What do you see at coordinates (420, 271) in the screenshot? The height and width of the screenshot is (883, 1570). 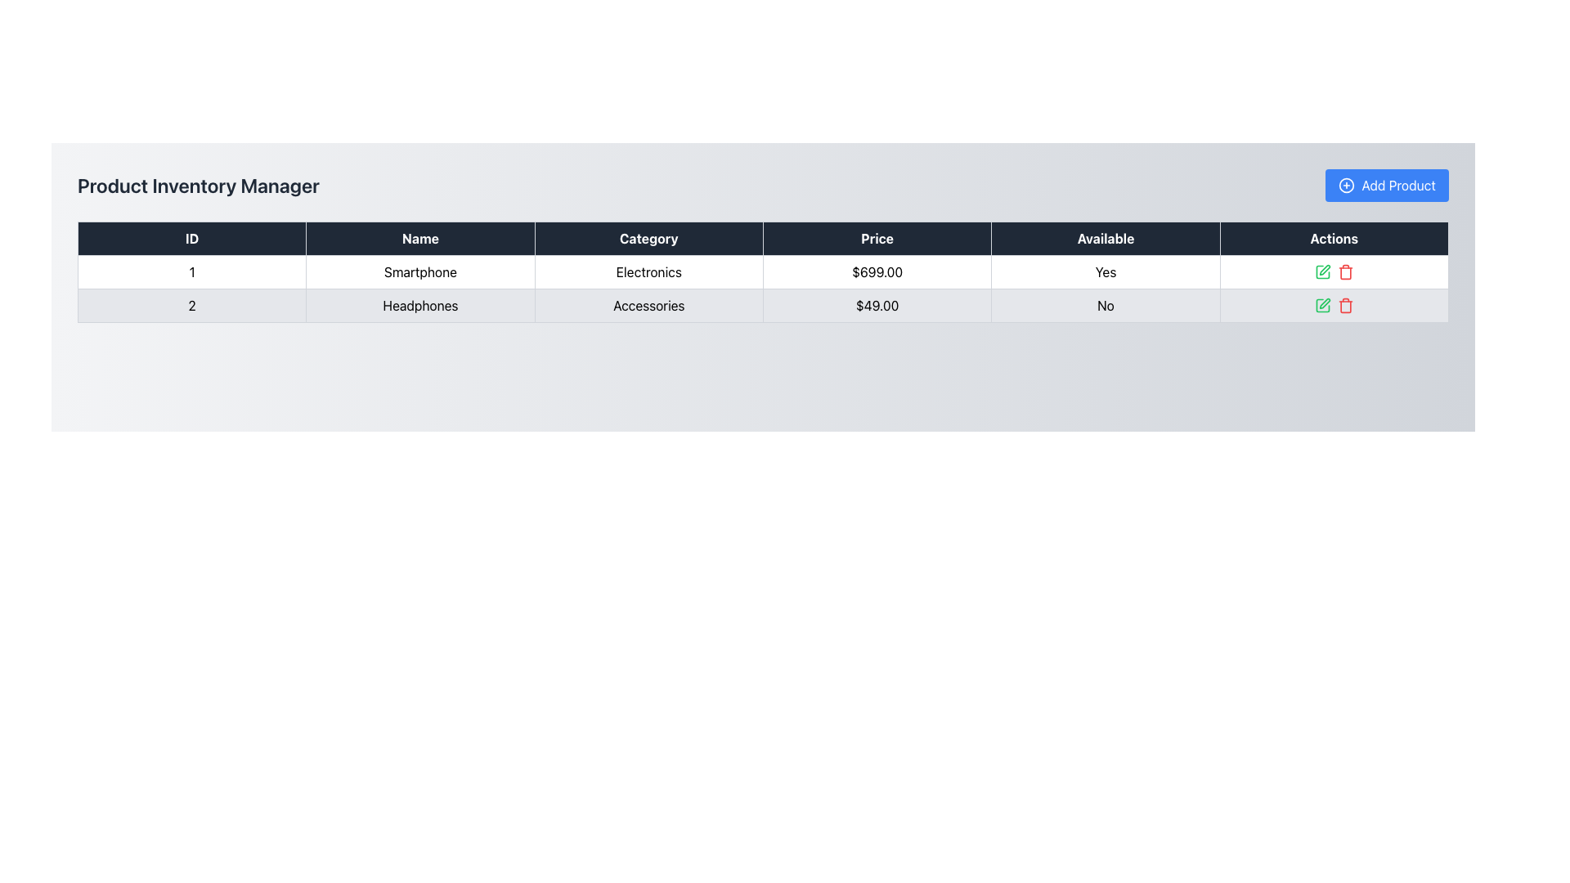 I see `the static text display showing the product's name in the second cell of the row under the 'Name' column in the first data row of the inventory management table` at bounding box center [420, 271].